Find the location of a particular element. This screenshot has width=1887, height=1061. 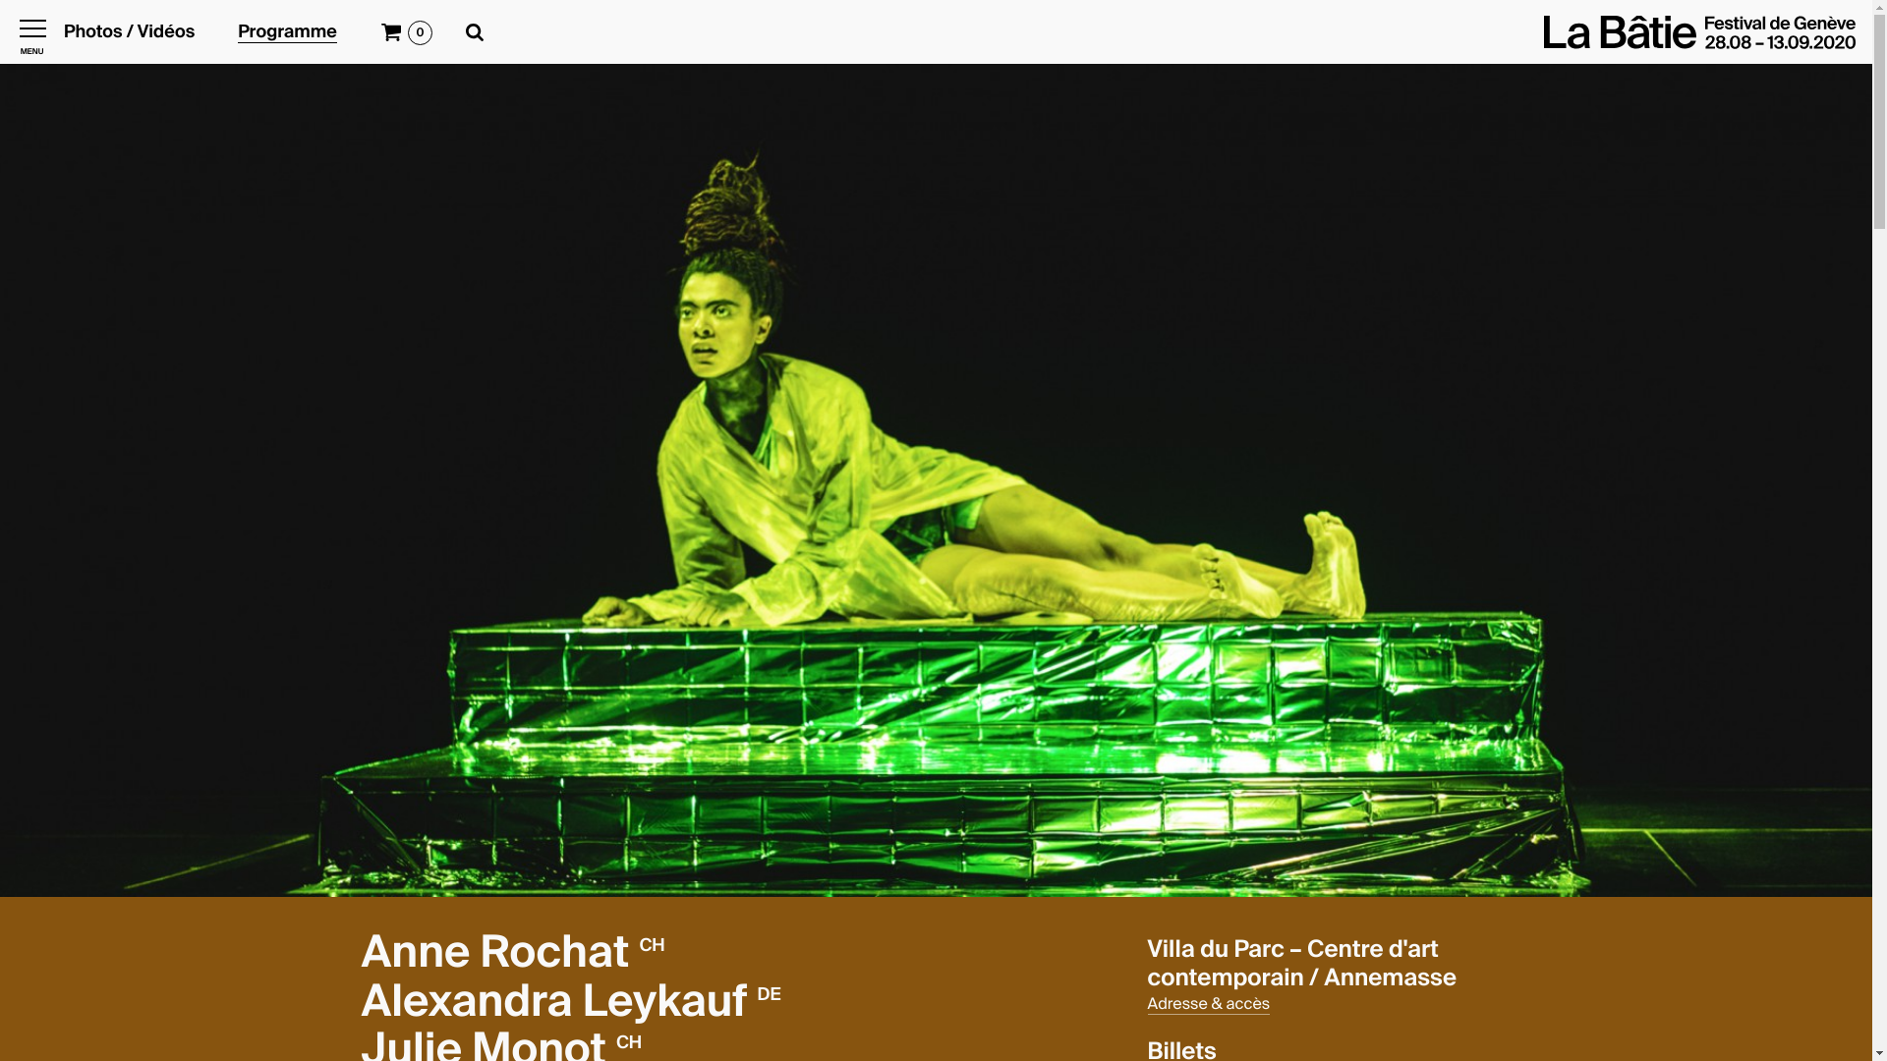

'Programme' is located at coordinates (286, 32).